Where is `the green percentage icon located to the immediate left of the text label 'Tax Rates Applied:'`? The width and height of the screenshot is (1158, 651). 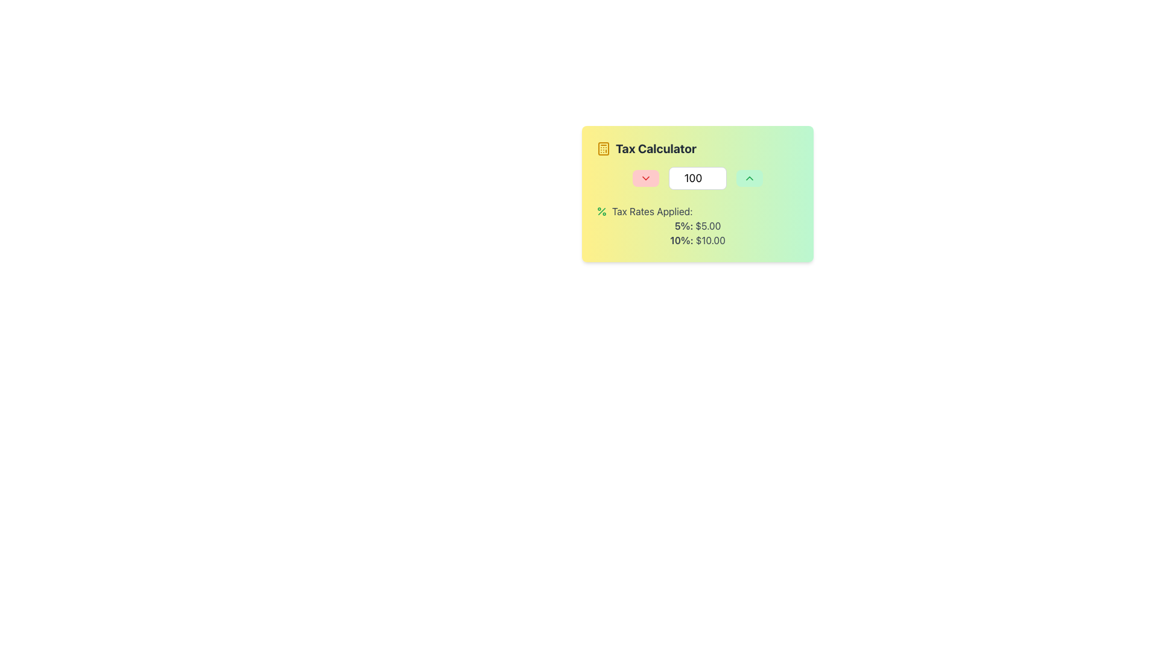 the green percentage icon located to the immediate left of the text label 'Tax Rates Applied:' is located at coordinates (602, 211).